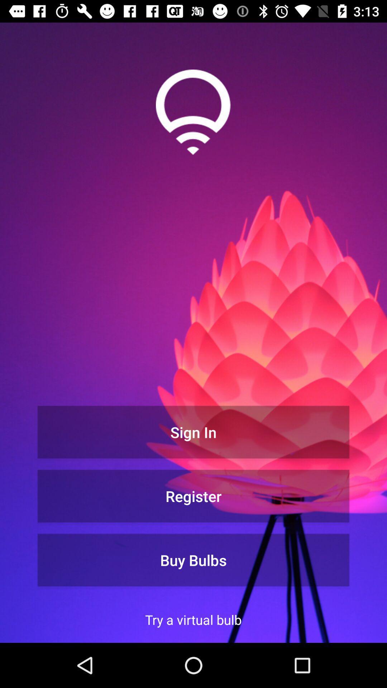 The image size is (387, 688). I want to click on button below sign in button, so click(193, 496).